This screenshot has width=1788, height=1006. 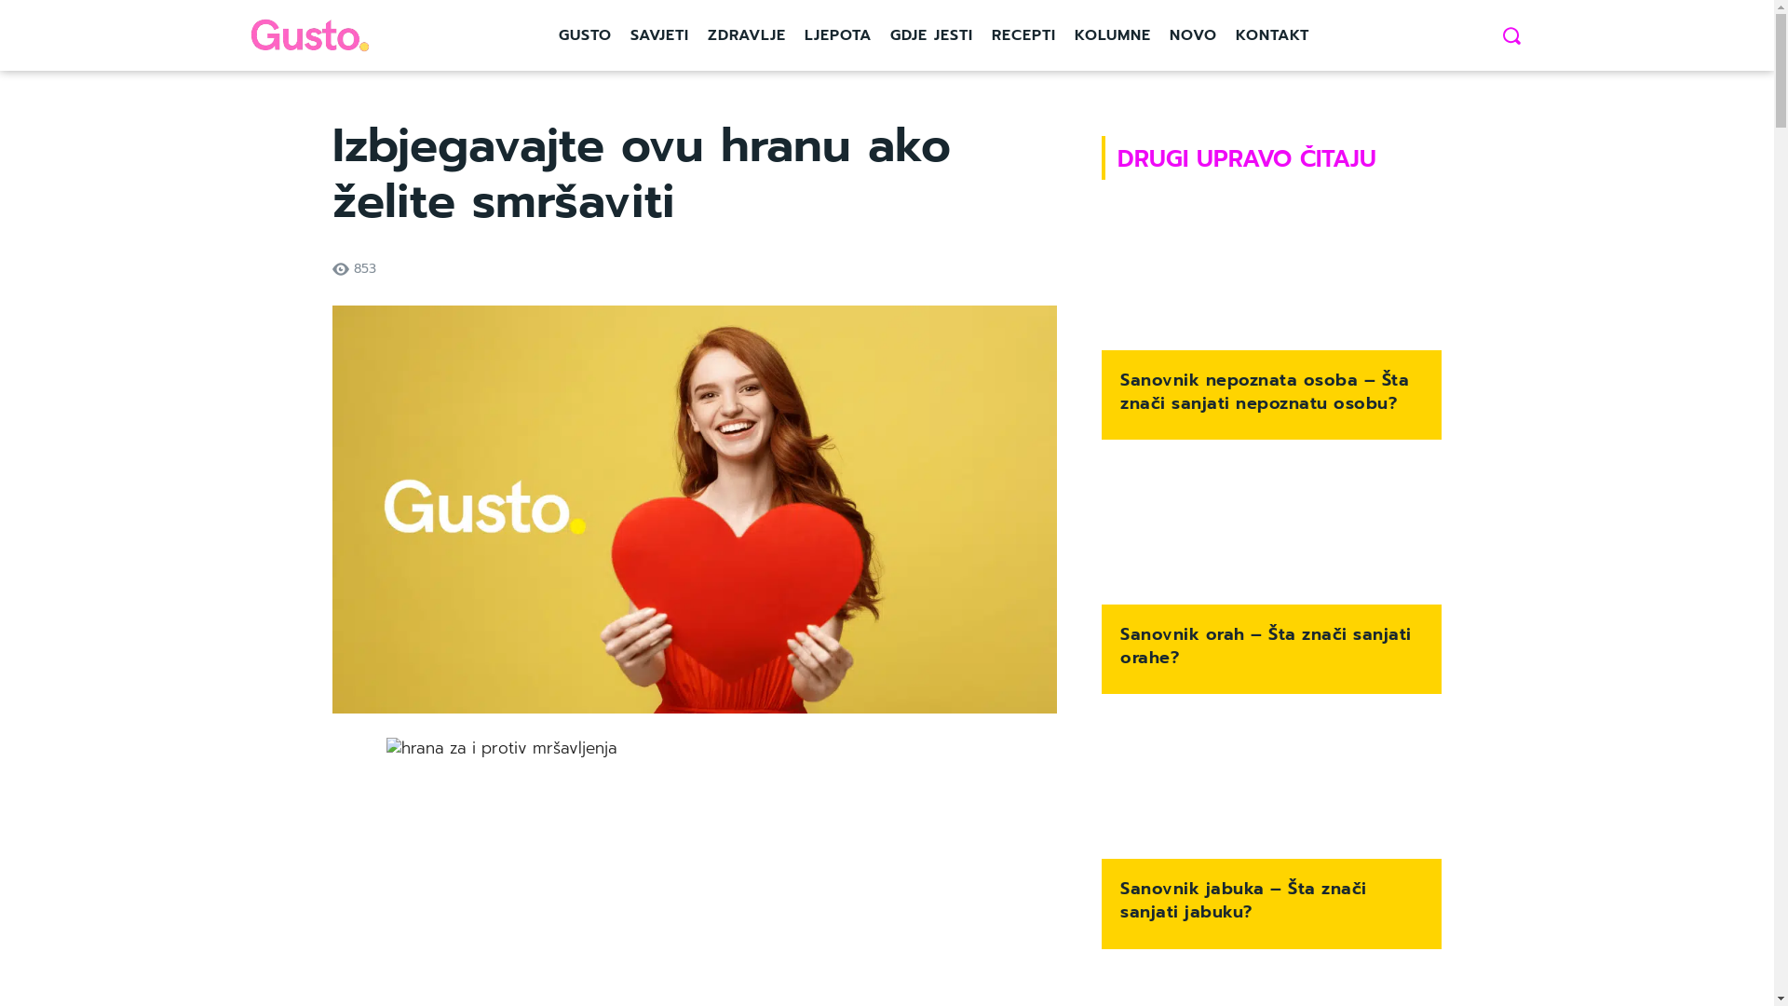 I want to click on 'LJEPOTA', so click(x=837, y=35).